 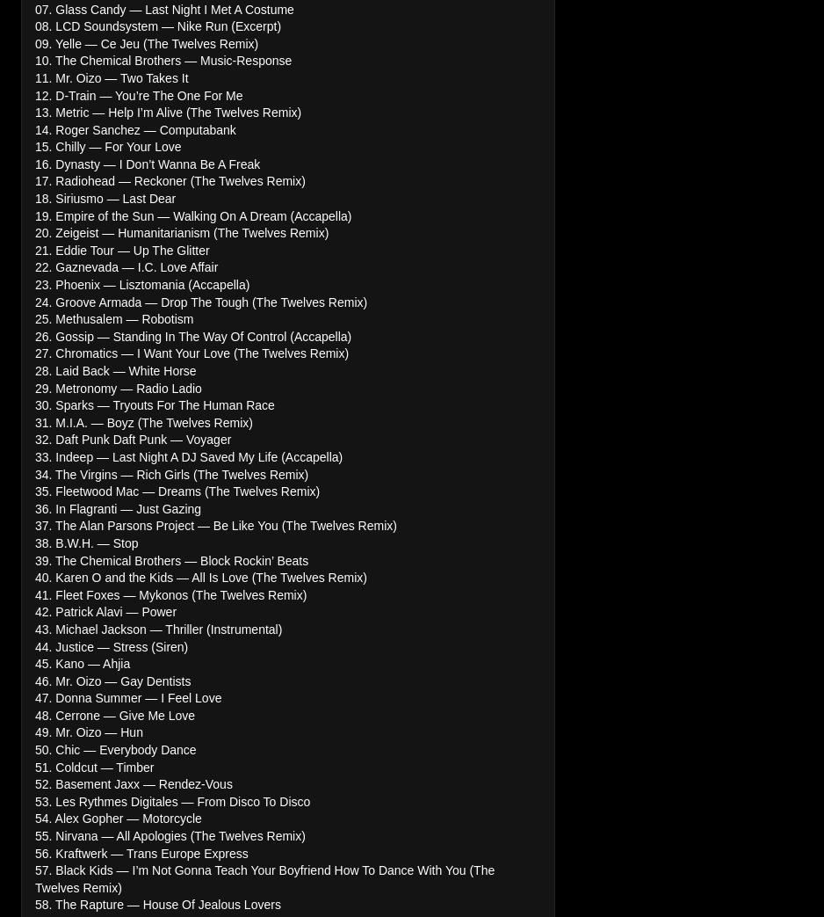 What do you see at coordinates (93, 766) in the screenshot?
I see `'51. Coldcut — Timber'` at bounding box center [93, 766].